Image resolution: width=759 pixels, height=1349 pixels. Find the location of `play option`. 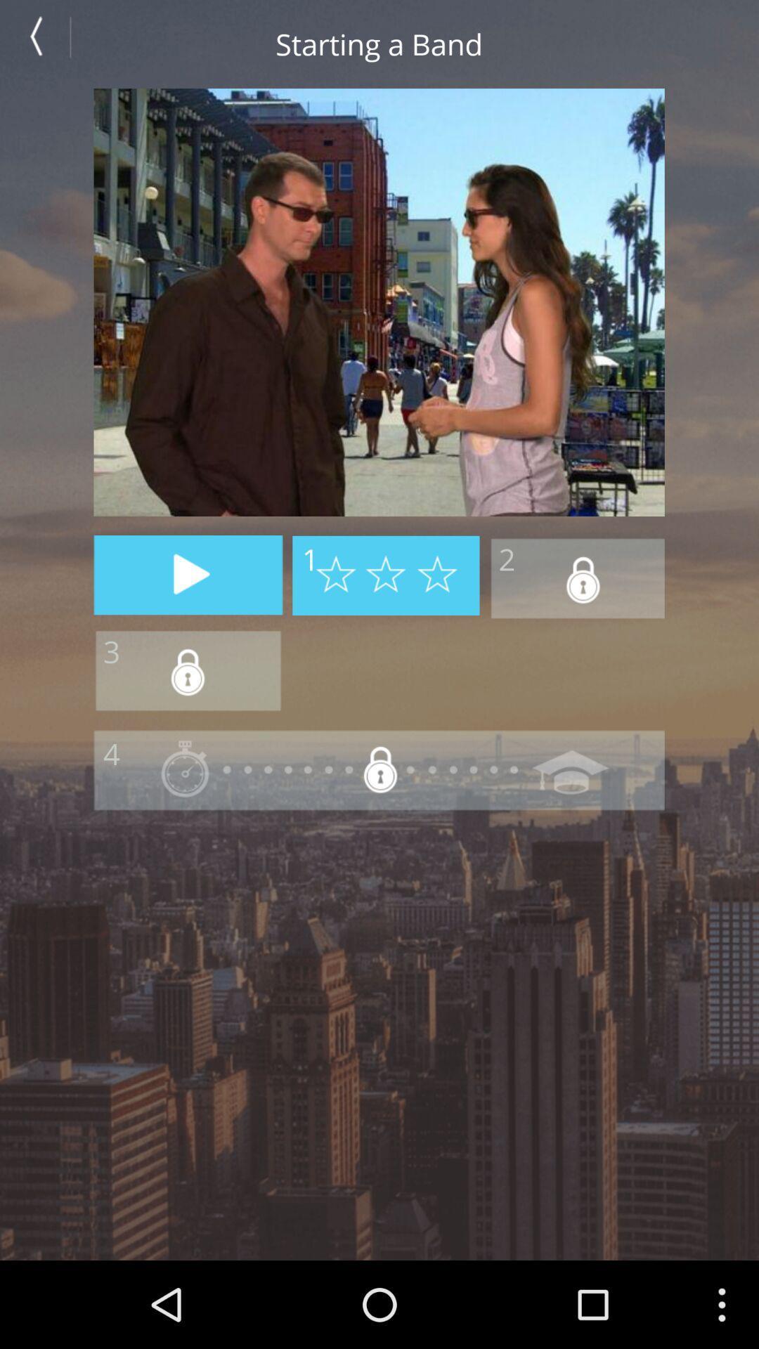

play option is located at coordinates (188, 575).